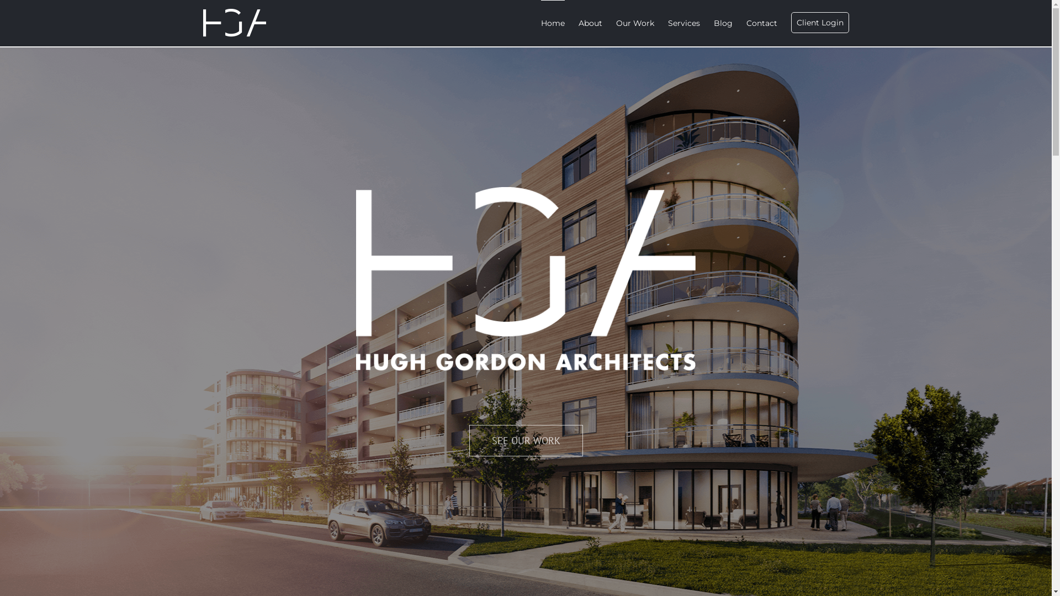 The image size is (1060, 596). I want to click on 'Home', so click(540, 23).